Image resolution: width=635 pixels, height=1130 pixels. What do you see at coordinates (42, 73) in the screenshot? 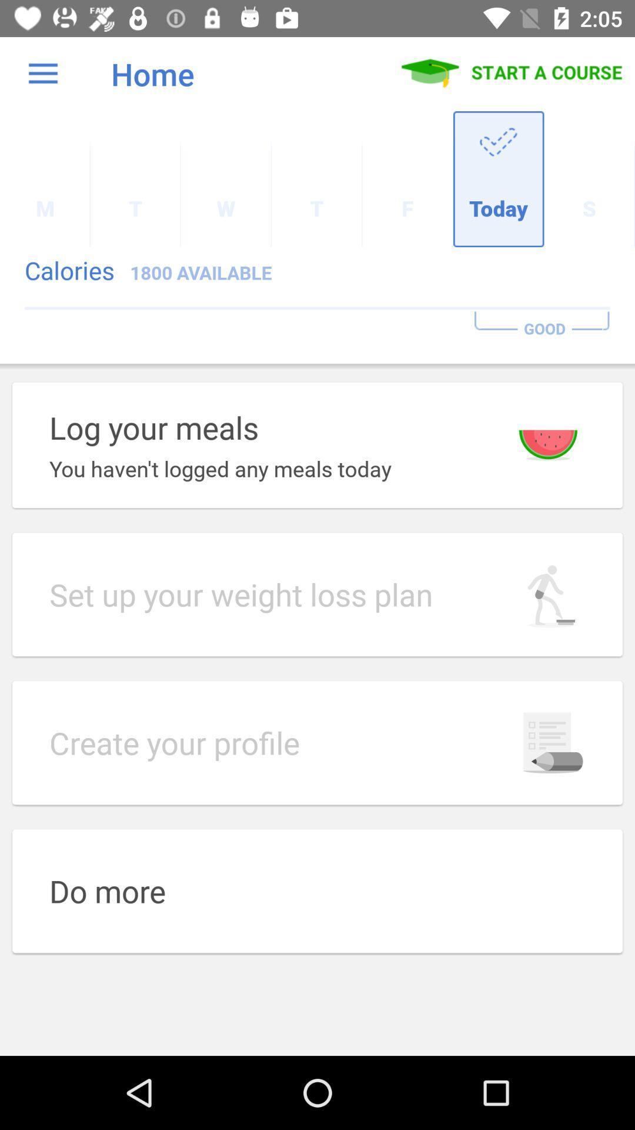
I see `the item next to home` at bounding box center [42, 73].